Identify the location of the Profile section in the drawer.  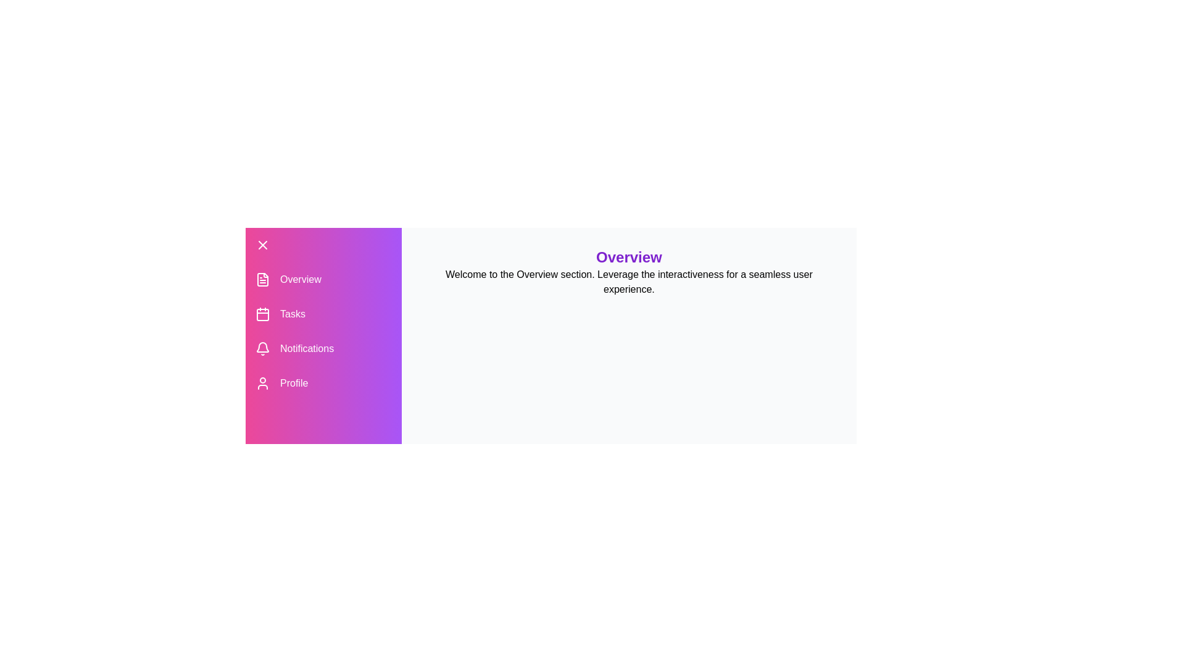
(323, 383).